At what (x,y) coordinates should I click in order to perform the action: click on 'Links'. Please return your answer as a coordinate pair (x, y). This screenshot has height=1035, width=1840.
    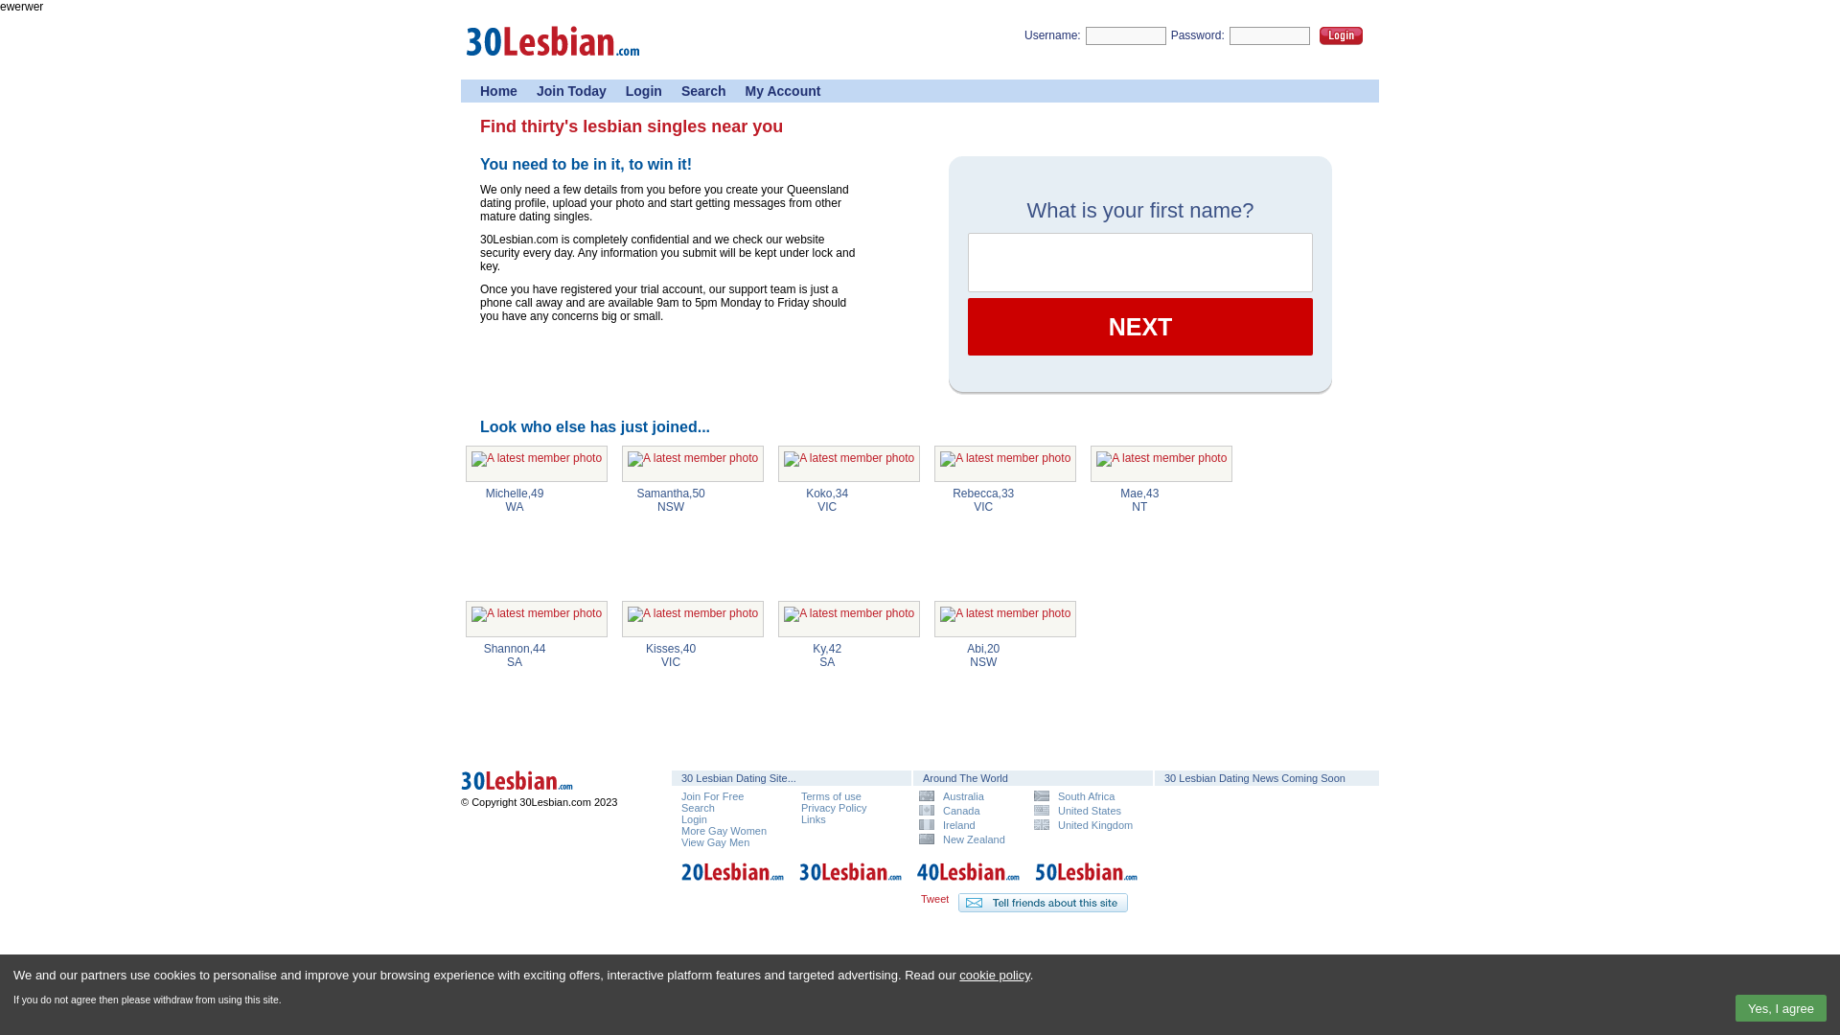
    Looking at the image, I should click on (814, 819).